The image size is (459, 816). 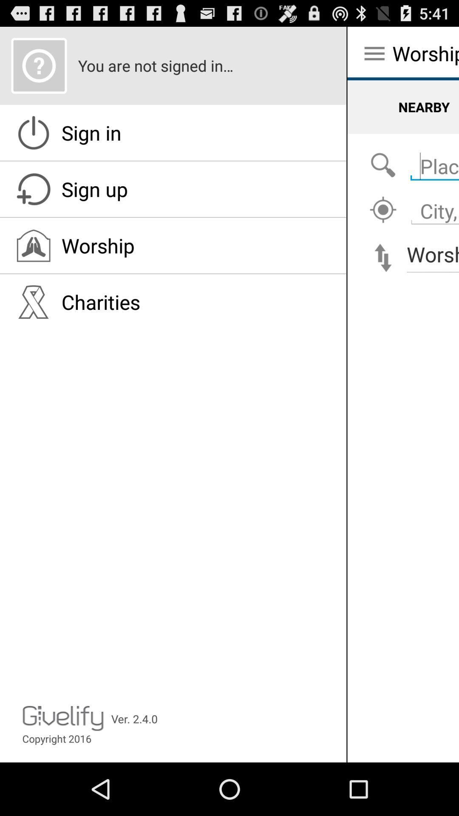 I want to click on location, so click(x=383, y=210).